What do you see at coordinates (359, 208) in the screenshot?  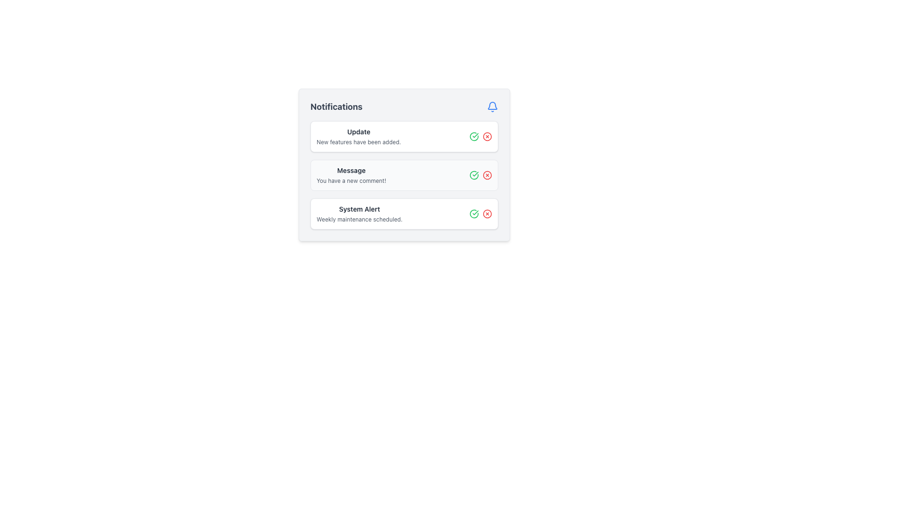 I see `the text element displaying 'System Alert', which is bold and dark gray in color, located in the notifications panel below 'Update' and 'Message'` at bounding box center [359, 208].